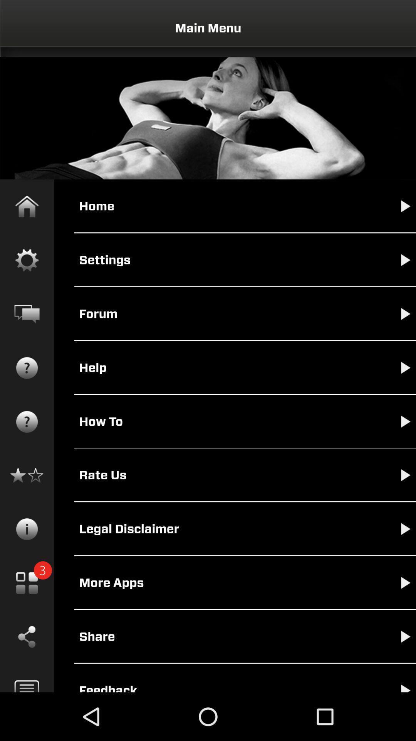  I want to click on the play icon, so click(398, 643).